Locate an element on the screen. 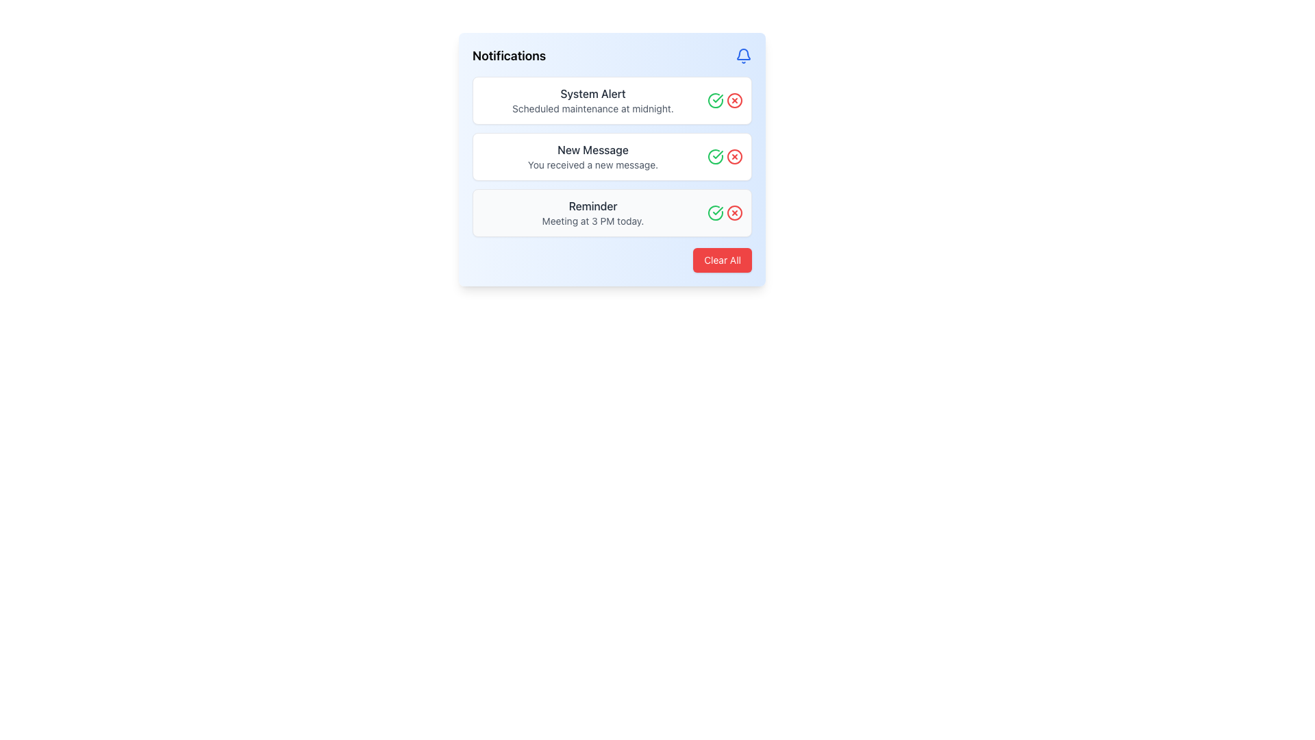 This screenshot has width=1315, height=740. the second notification item in the vertically stacked list, which displays the bold headline 'New Message' and the smaller text 'You received a new message.' is located at coordinates (592, 156).